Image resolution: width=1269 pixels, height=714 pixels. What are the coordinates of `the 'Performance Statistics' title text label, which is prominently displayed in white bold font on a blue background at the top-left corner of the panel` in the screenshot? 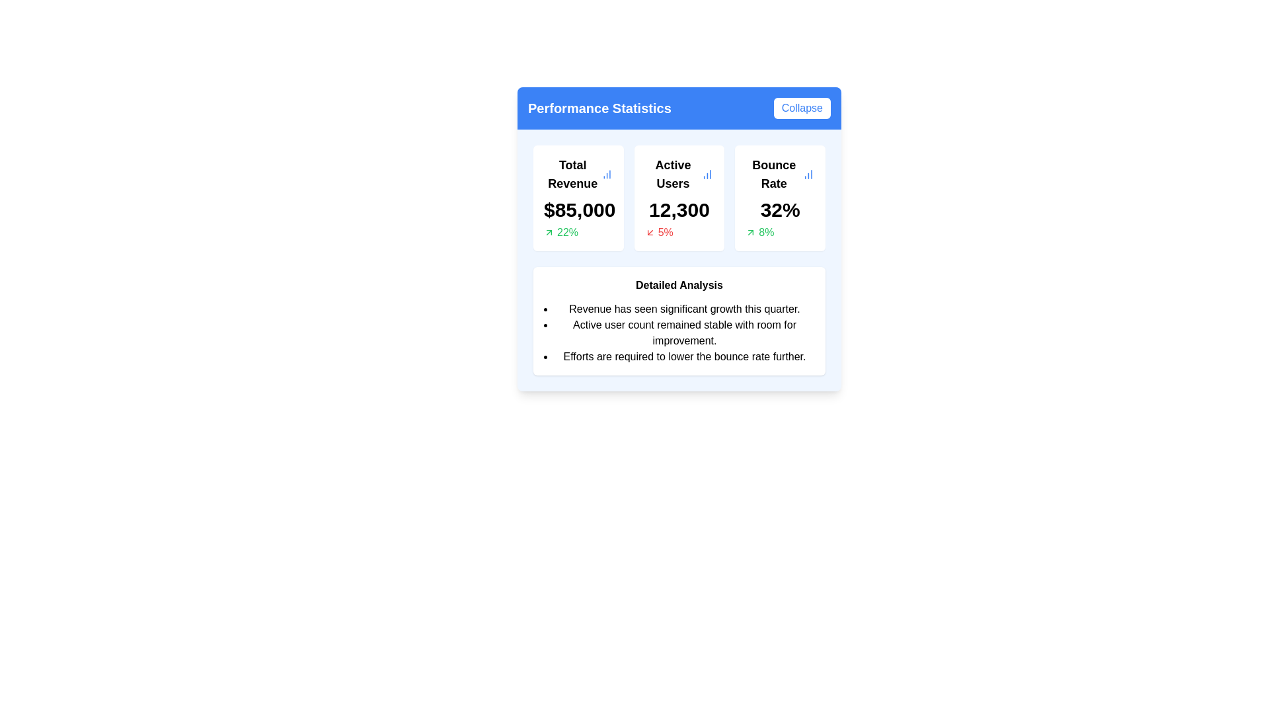 It's located at (599, 108).